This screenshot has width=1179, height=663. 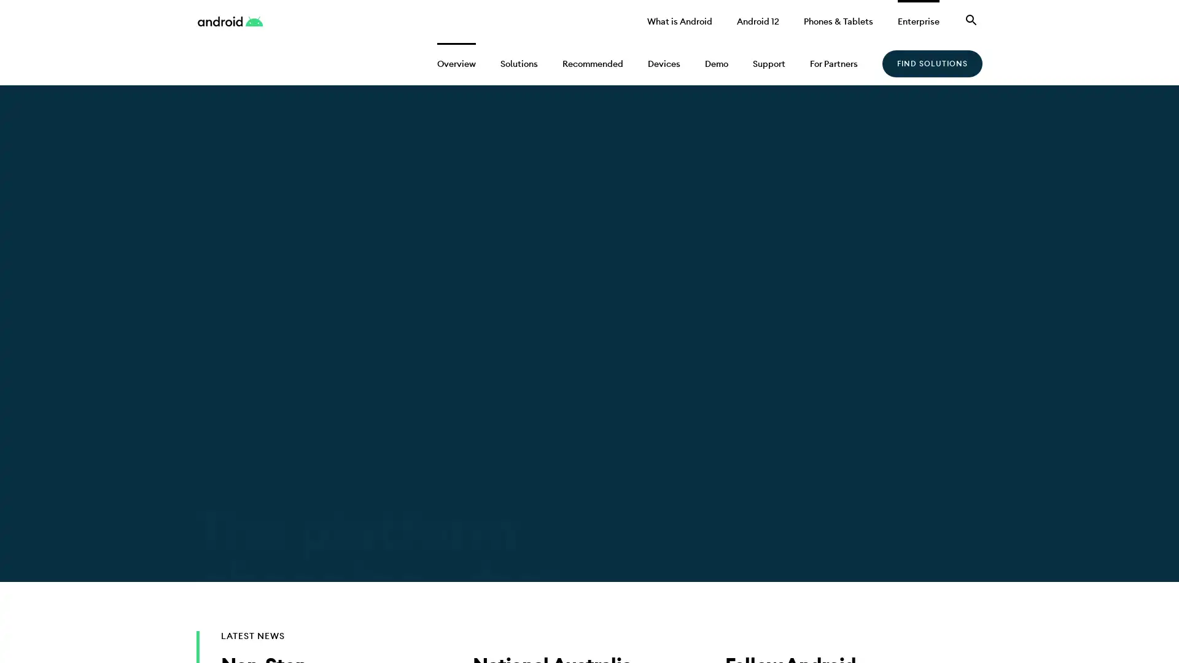 What do you see at coordinates (940, 634) in the screenshot?
I see `OK` at bounding box center [940, 634].